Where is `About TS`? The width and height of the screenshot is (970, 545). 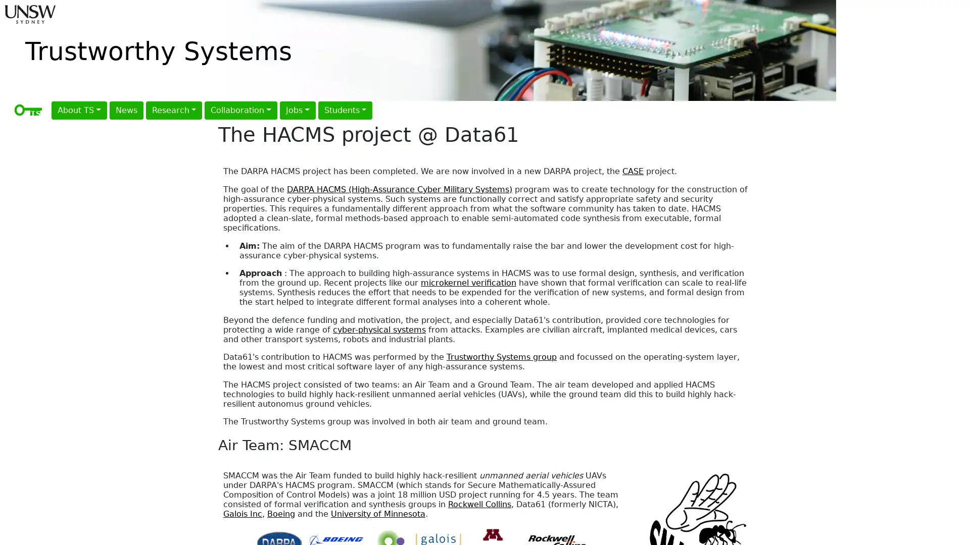
About TS is located at coordinates (78, 110).